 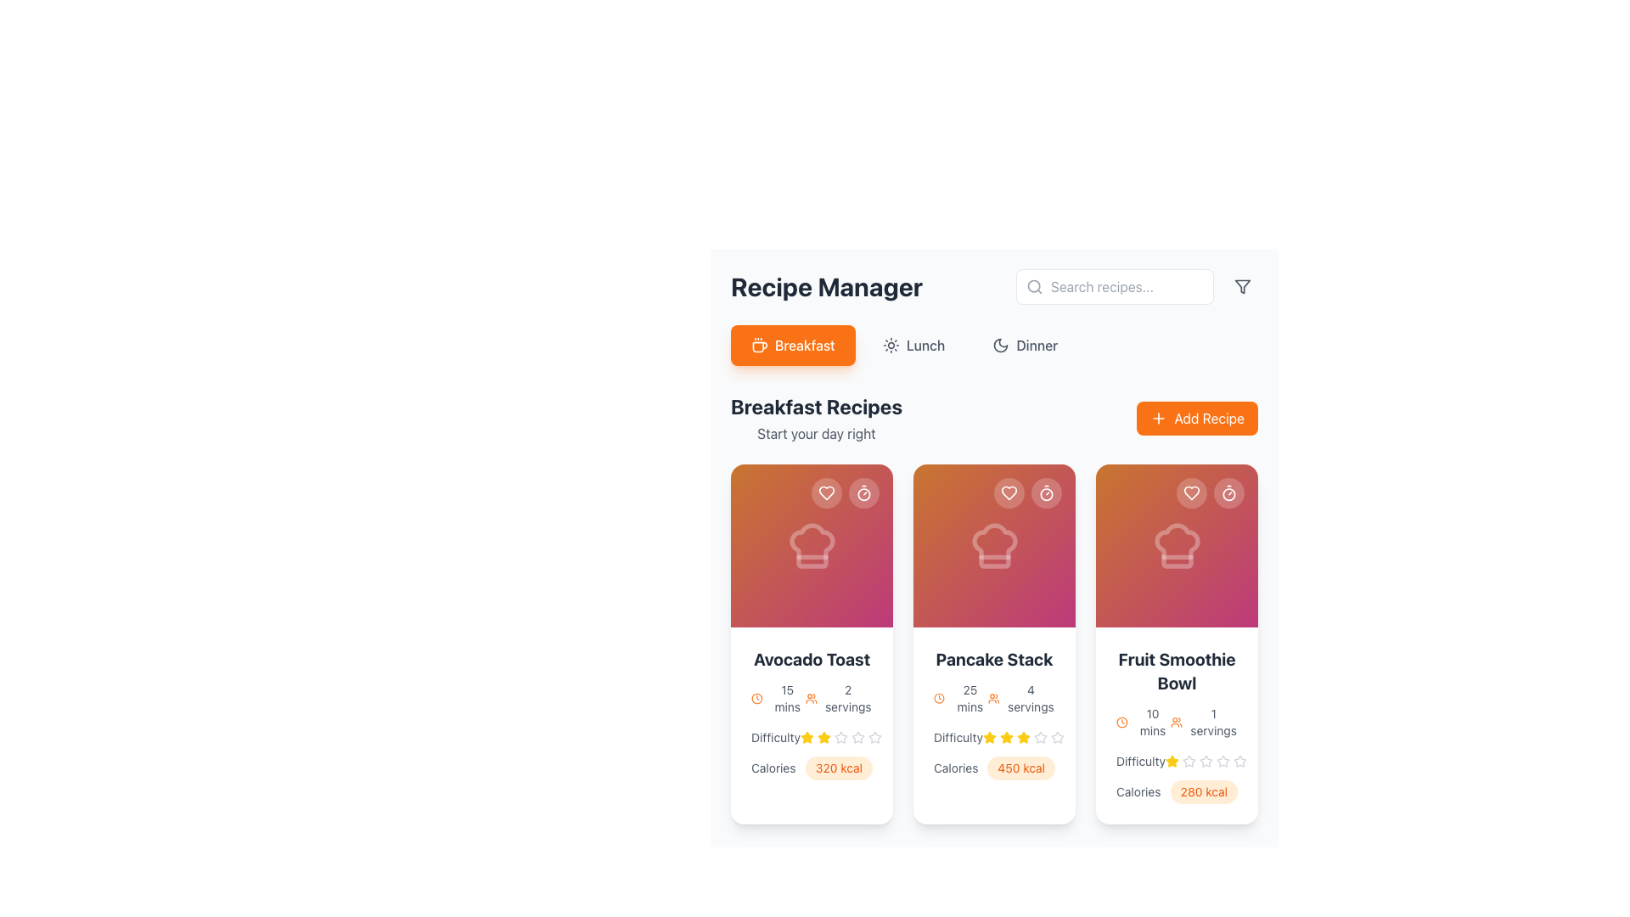 What do you see at coordinates (1020, 698) in the screenshot?
I see `text '4 servings' styled in a small, gray font, accompanied by an orange icon resembling a group of people, located in the bottom section of the card titled 'Pancake Stack'` at bounding box center [1020, 698].